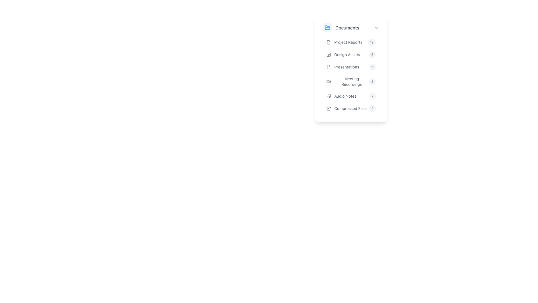 The width and height of the screenshot is (538, 303). I want to click on the 'Compressed Files' list item in the 'Documents' dropdown, so click(351, 108).